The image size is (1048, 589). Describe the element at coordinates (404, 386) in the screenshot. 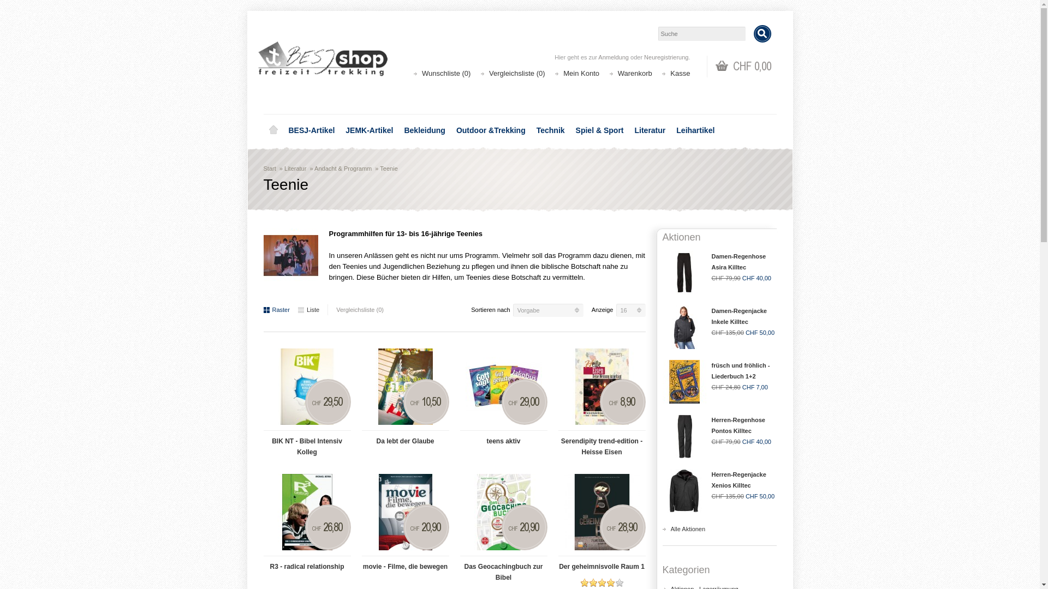

I see `'Da lebt der Glaube'` at that location.